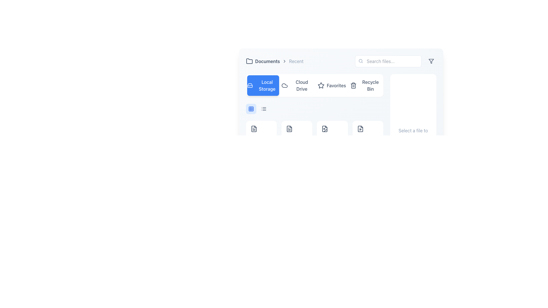  Describe the element at coordinates (289, 129) in the screenshot. I see `the second document file icon in the toolbar section` at that location.